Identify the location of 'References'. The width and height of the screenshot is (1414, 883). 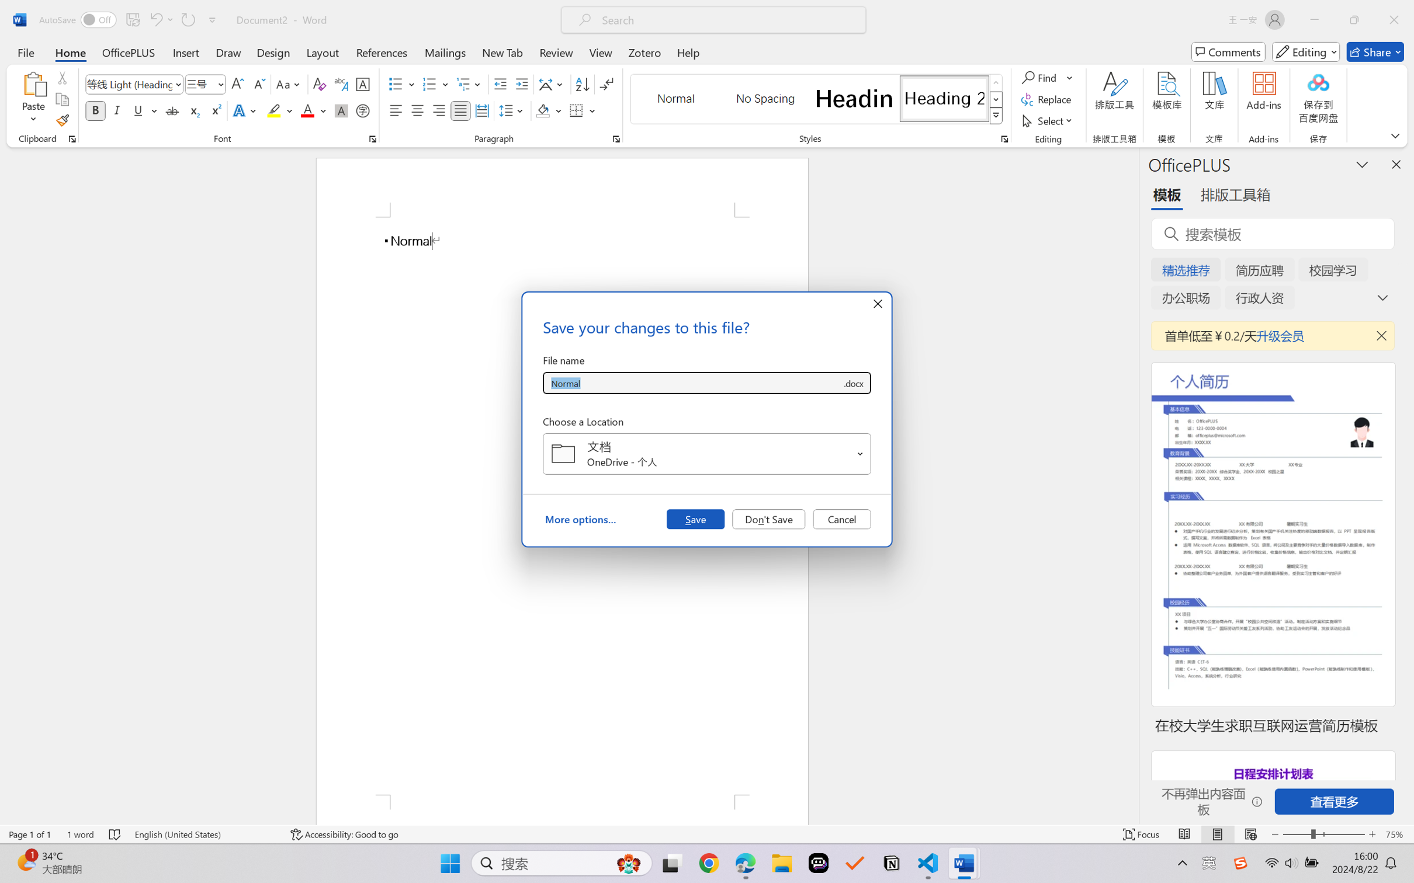
(382, 51).